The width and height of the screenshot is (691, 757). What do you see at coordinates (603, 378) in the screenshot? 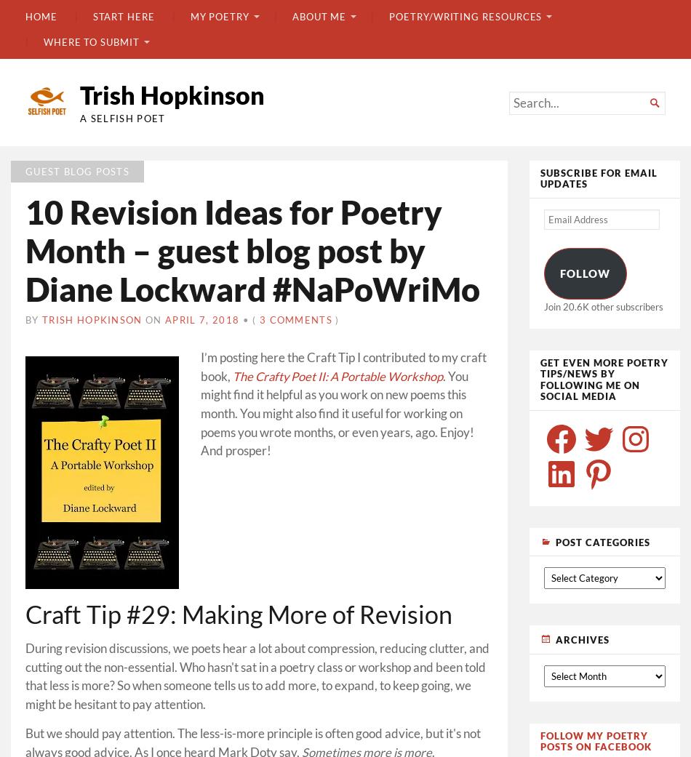
I see `'Get even more poetry tips/news by following me on social media'` at bounding box center [603, 378].